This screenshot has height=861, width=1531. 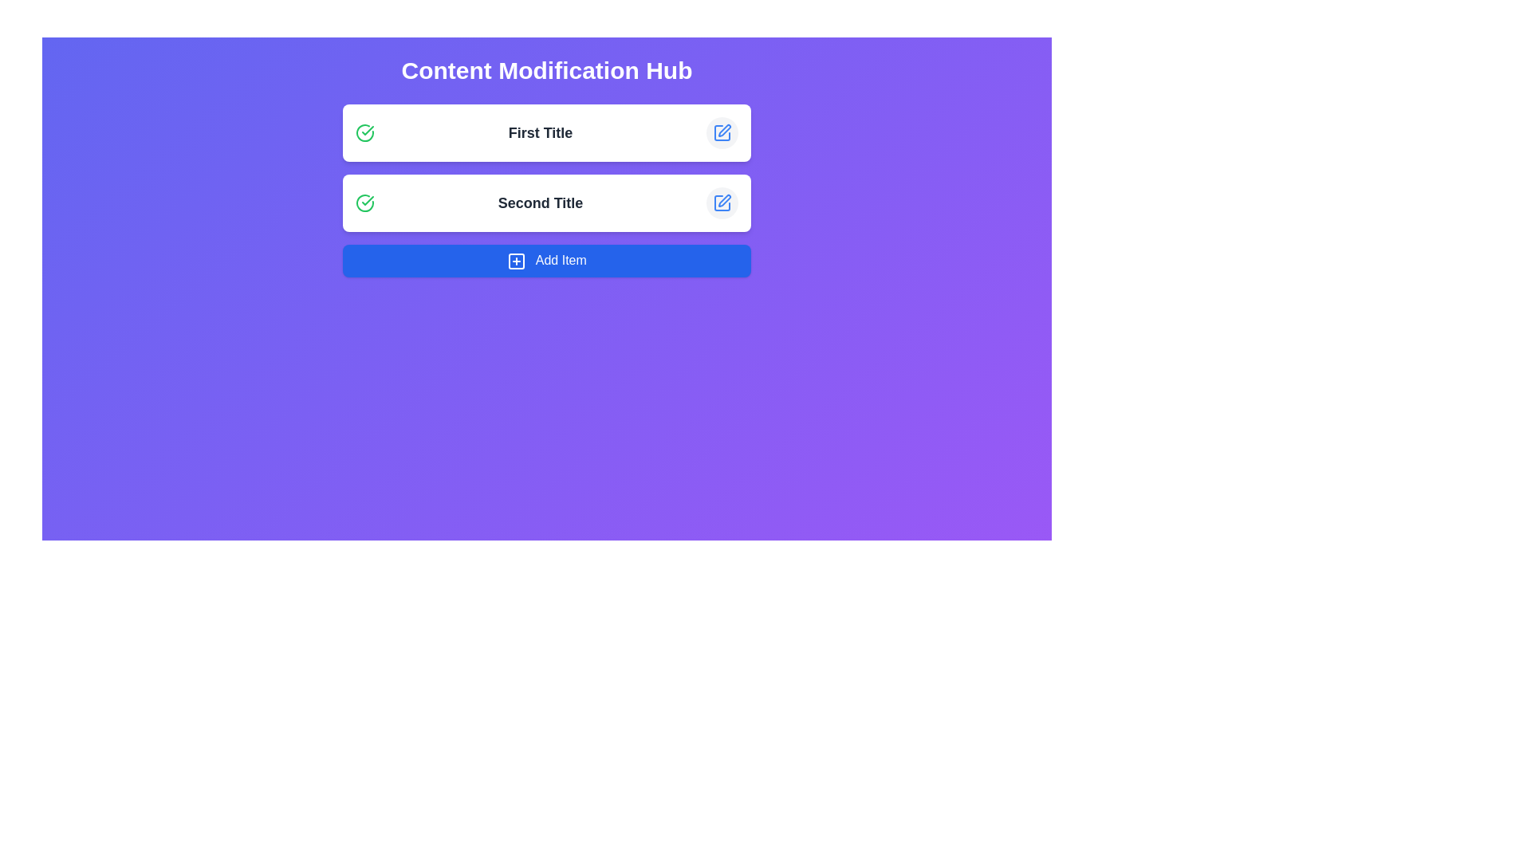 I want to click on the blue square-shaped icon button with a white pen icon located at the top-right corner of the card titled 'First Title' to initiate the edit action, so click(x=722, y=132).